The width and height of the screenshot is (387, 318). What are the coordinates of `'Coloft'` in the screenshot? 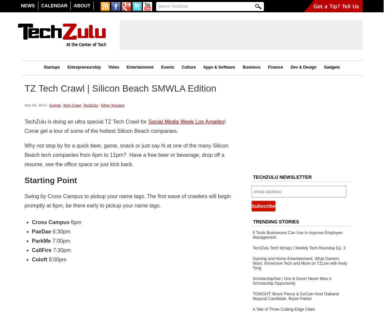 It's located at (39, 259).